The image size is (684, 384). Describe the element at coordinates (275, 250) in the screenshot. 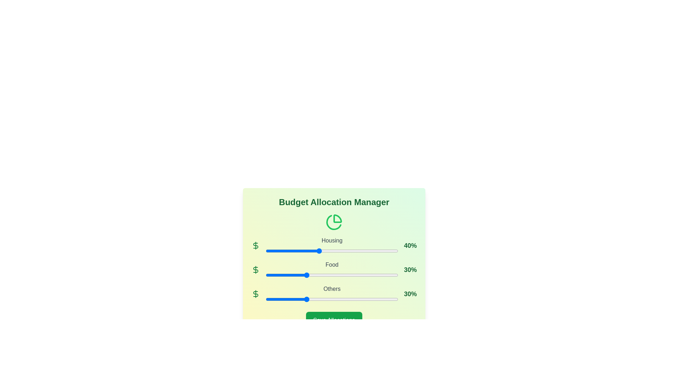

I see `the Housing allocation slider to 7%` at that location.